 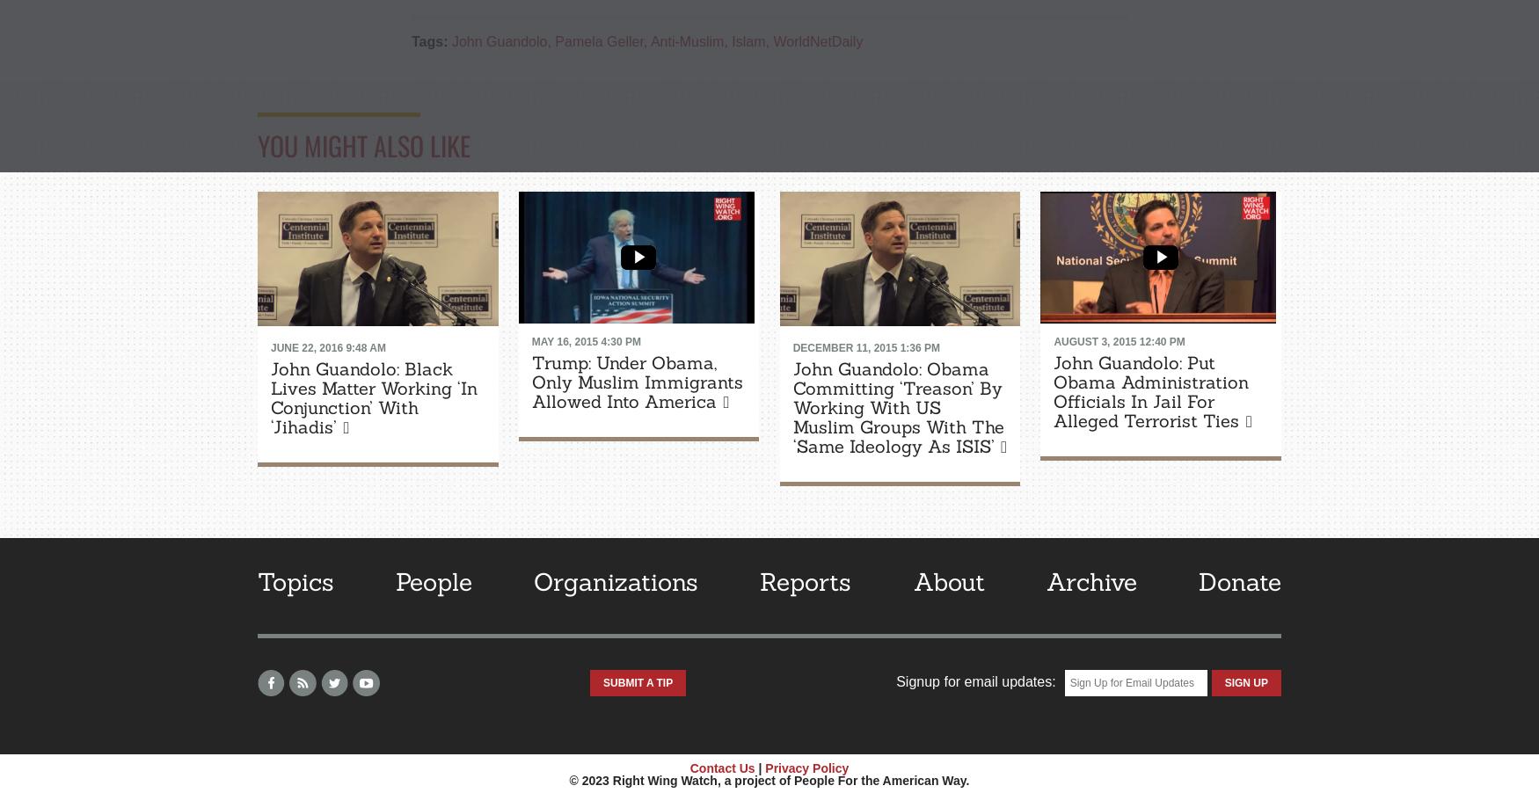 I want to click on 'About', so click(x=948, y=579).